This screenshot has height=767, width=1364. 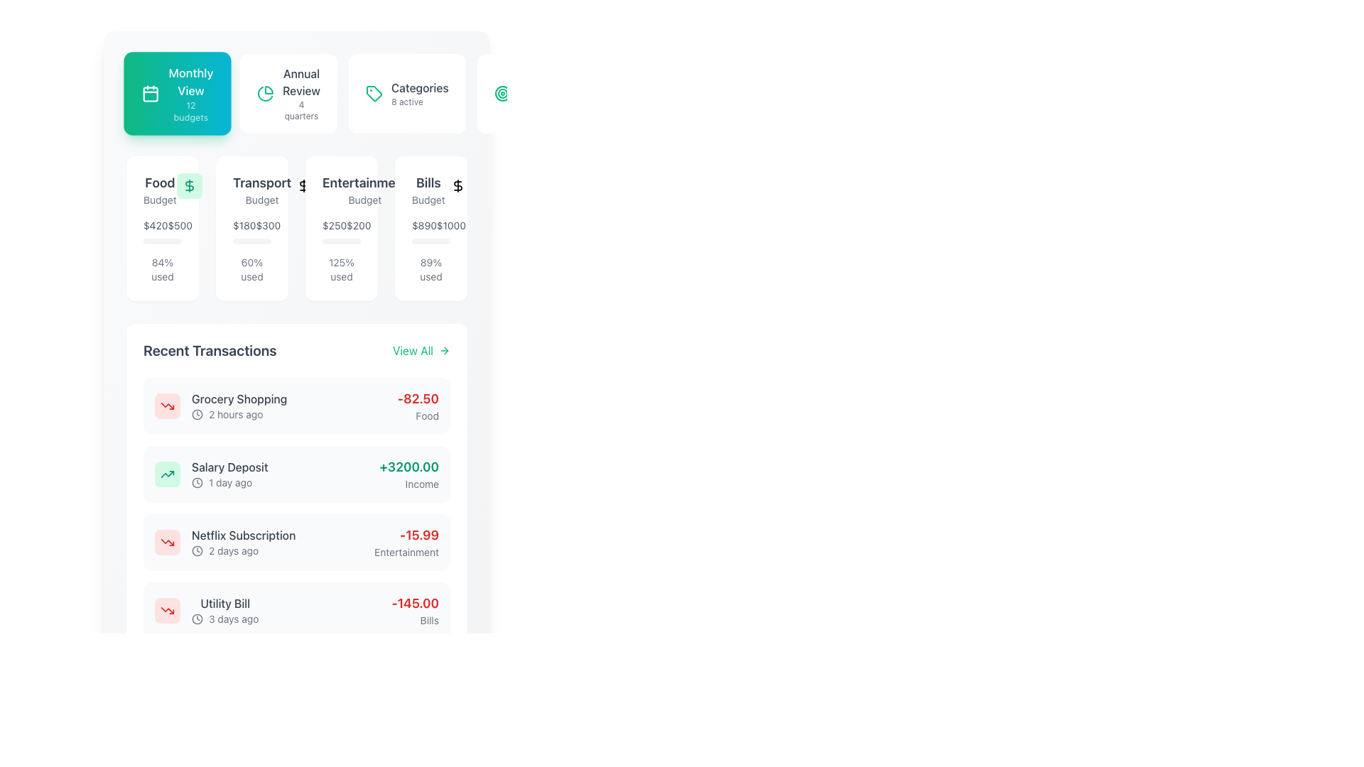 I want to click on the negative amount on the first transaction display card in the 'Recent Transactions' section to get clarification, so click(x=296, y=406).